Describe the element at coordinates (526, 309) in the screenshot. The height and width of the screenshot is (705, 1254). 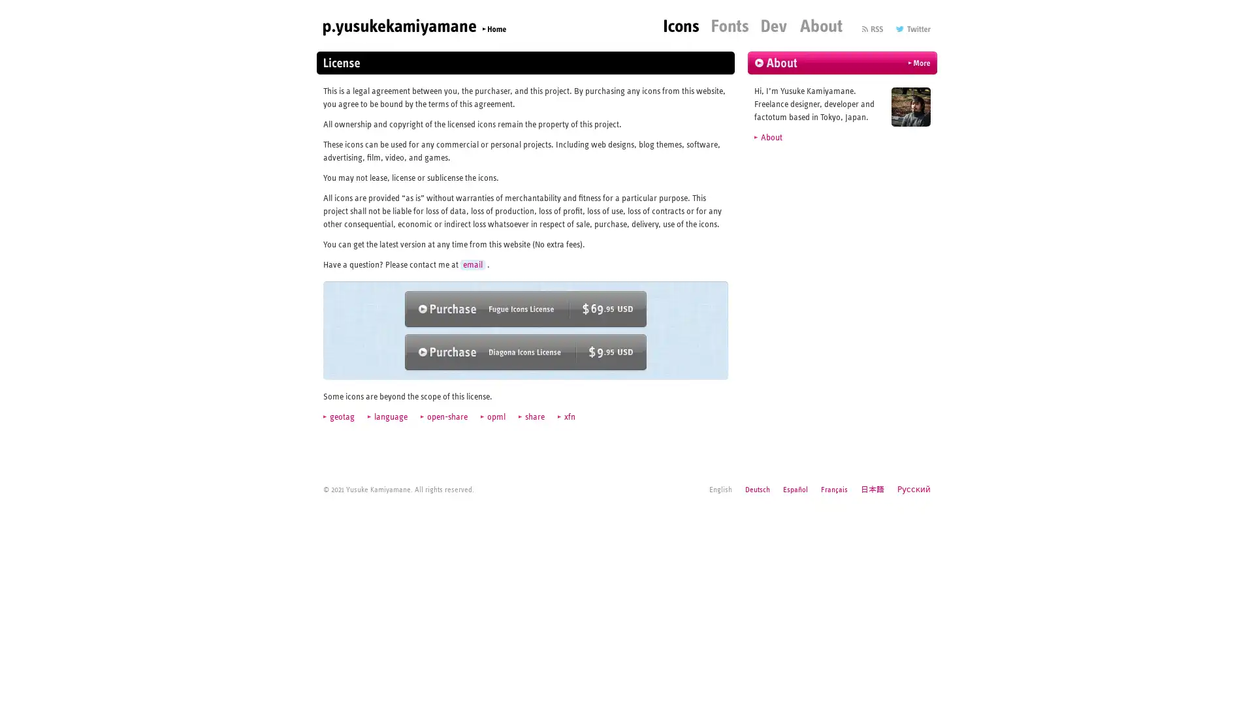
I see `Purchase Fugue Icons ($69.95 USD)` at that location.